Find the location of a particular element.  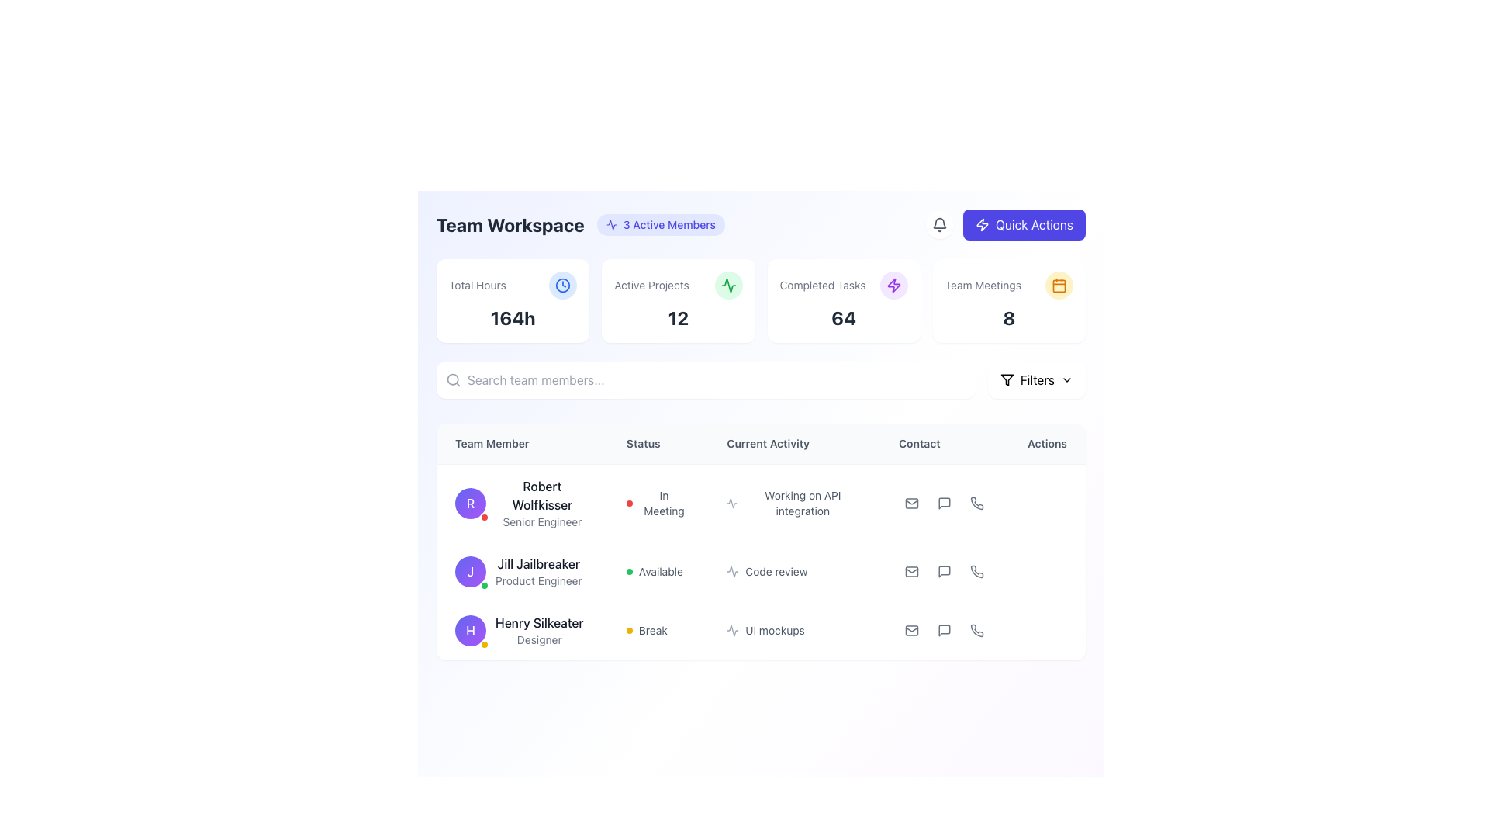

the Text label with icon indicating 'Team Meetings' located at the top-right corner of the card, which is the first noticeable feature above the number '8' is located at coordinates (1009, 285).